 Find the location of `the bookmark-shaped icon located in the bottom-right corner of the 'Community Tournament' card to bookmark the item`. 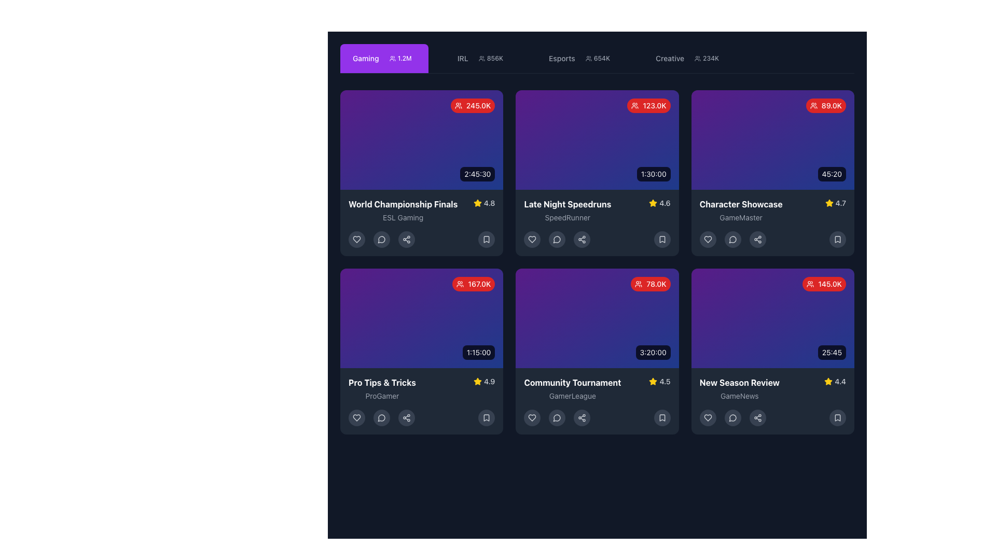

the bookmark-shaped icon located in the bottom-right corner of the 'Community Tournament' card to bookmark the item is located at coordinates (661, 417).